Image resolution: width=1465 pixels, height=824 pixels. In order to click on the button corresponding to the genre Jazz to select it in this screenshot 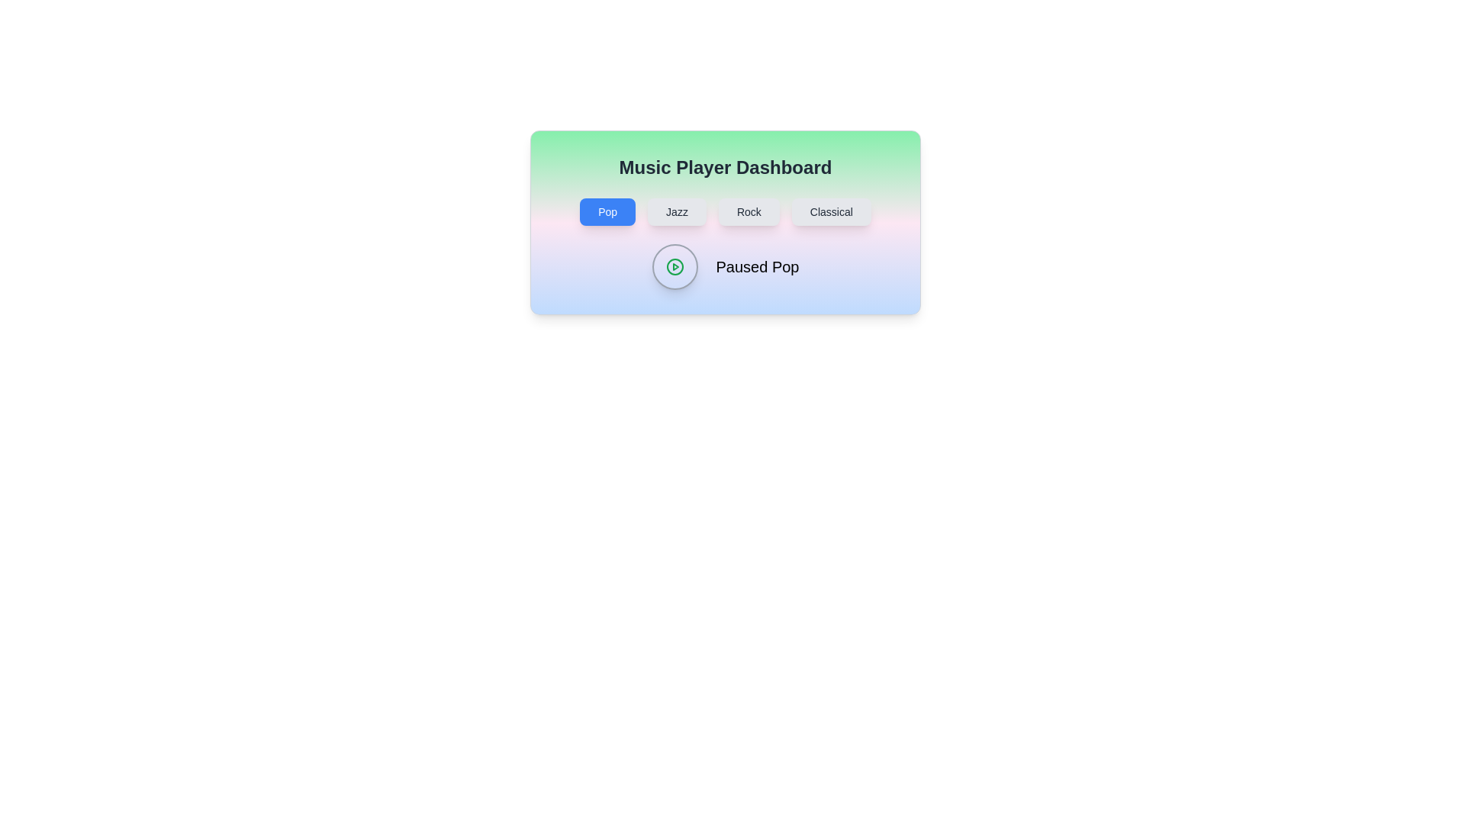, I will do `click(676, 211)`.